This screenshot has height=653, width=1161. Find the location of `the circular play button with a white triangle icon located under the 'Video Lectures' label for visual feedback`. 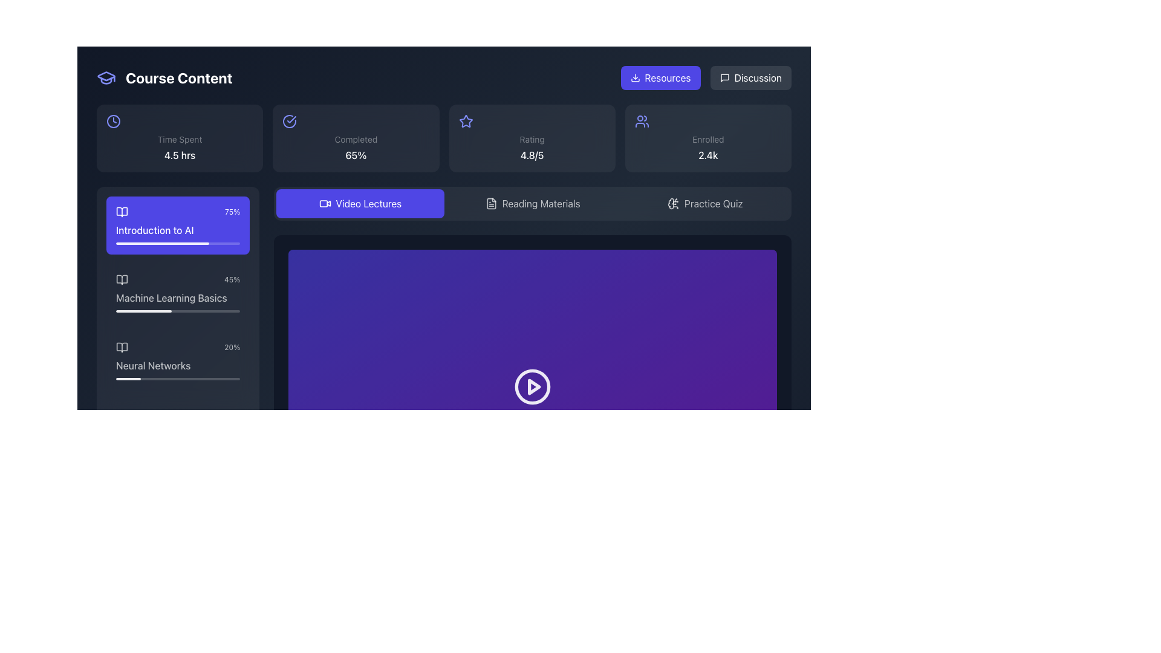

the circular play button with a white triangle icon located under the 'Video Lectures' label for visual feedback is located at coordinates (532, 387).